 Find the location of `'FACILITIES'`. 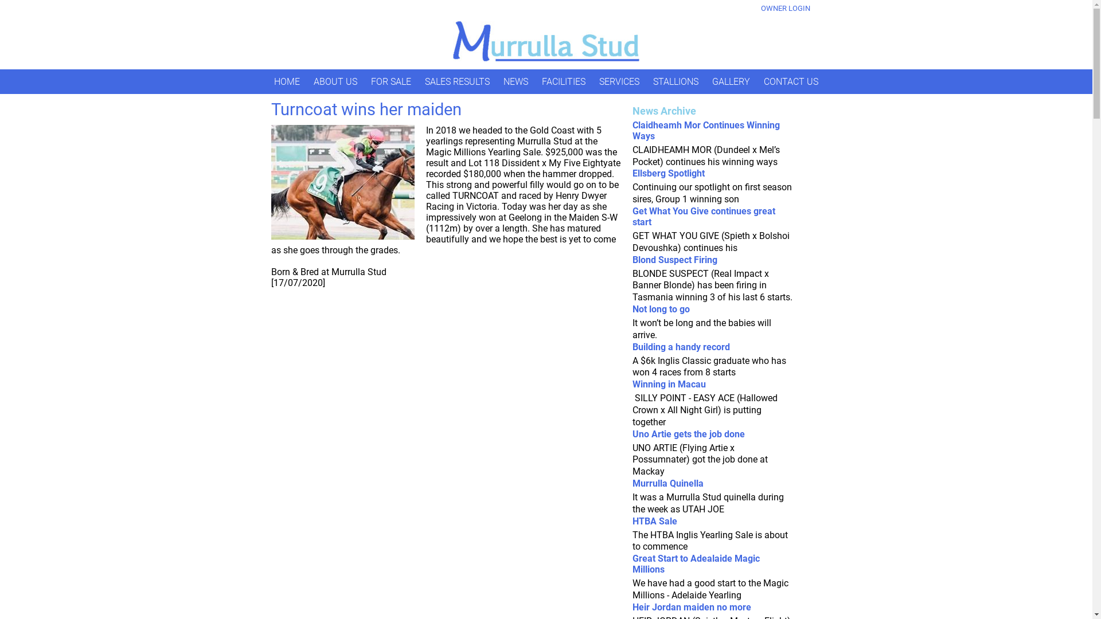

'FACILITIES' is located at coordinates (567, 81).